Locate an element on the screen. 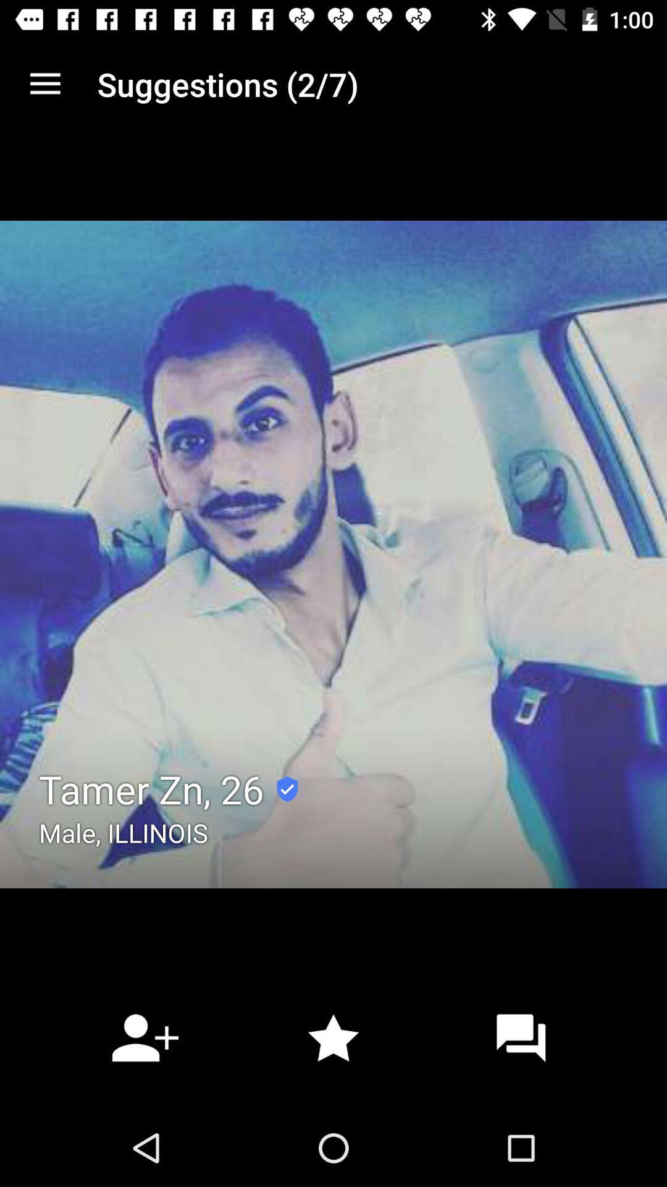 This screenshot has width=667, height=1187. the follow icon is located at coordinates (145, 1037).